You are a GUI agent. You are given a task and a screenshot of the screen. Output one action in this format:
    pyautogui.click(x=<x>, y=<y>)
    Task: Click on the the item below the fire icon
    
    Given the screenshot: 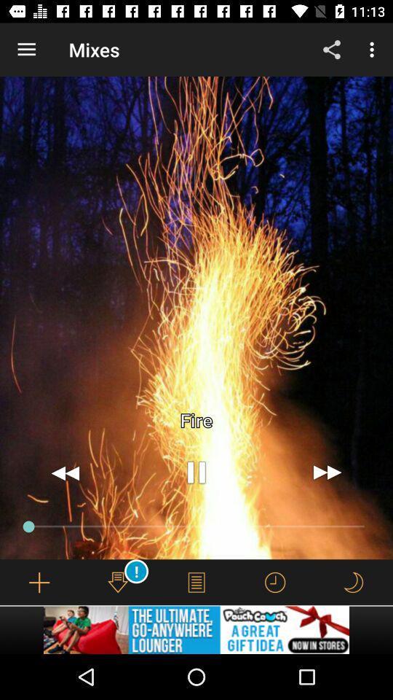 What is the action you would take?
    pyautogui.click(x=196, y=472)
    